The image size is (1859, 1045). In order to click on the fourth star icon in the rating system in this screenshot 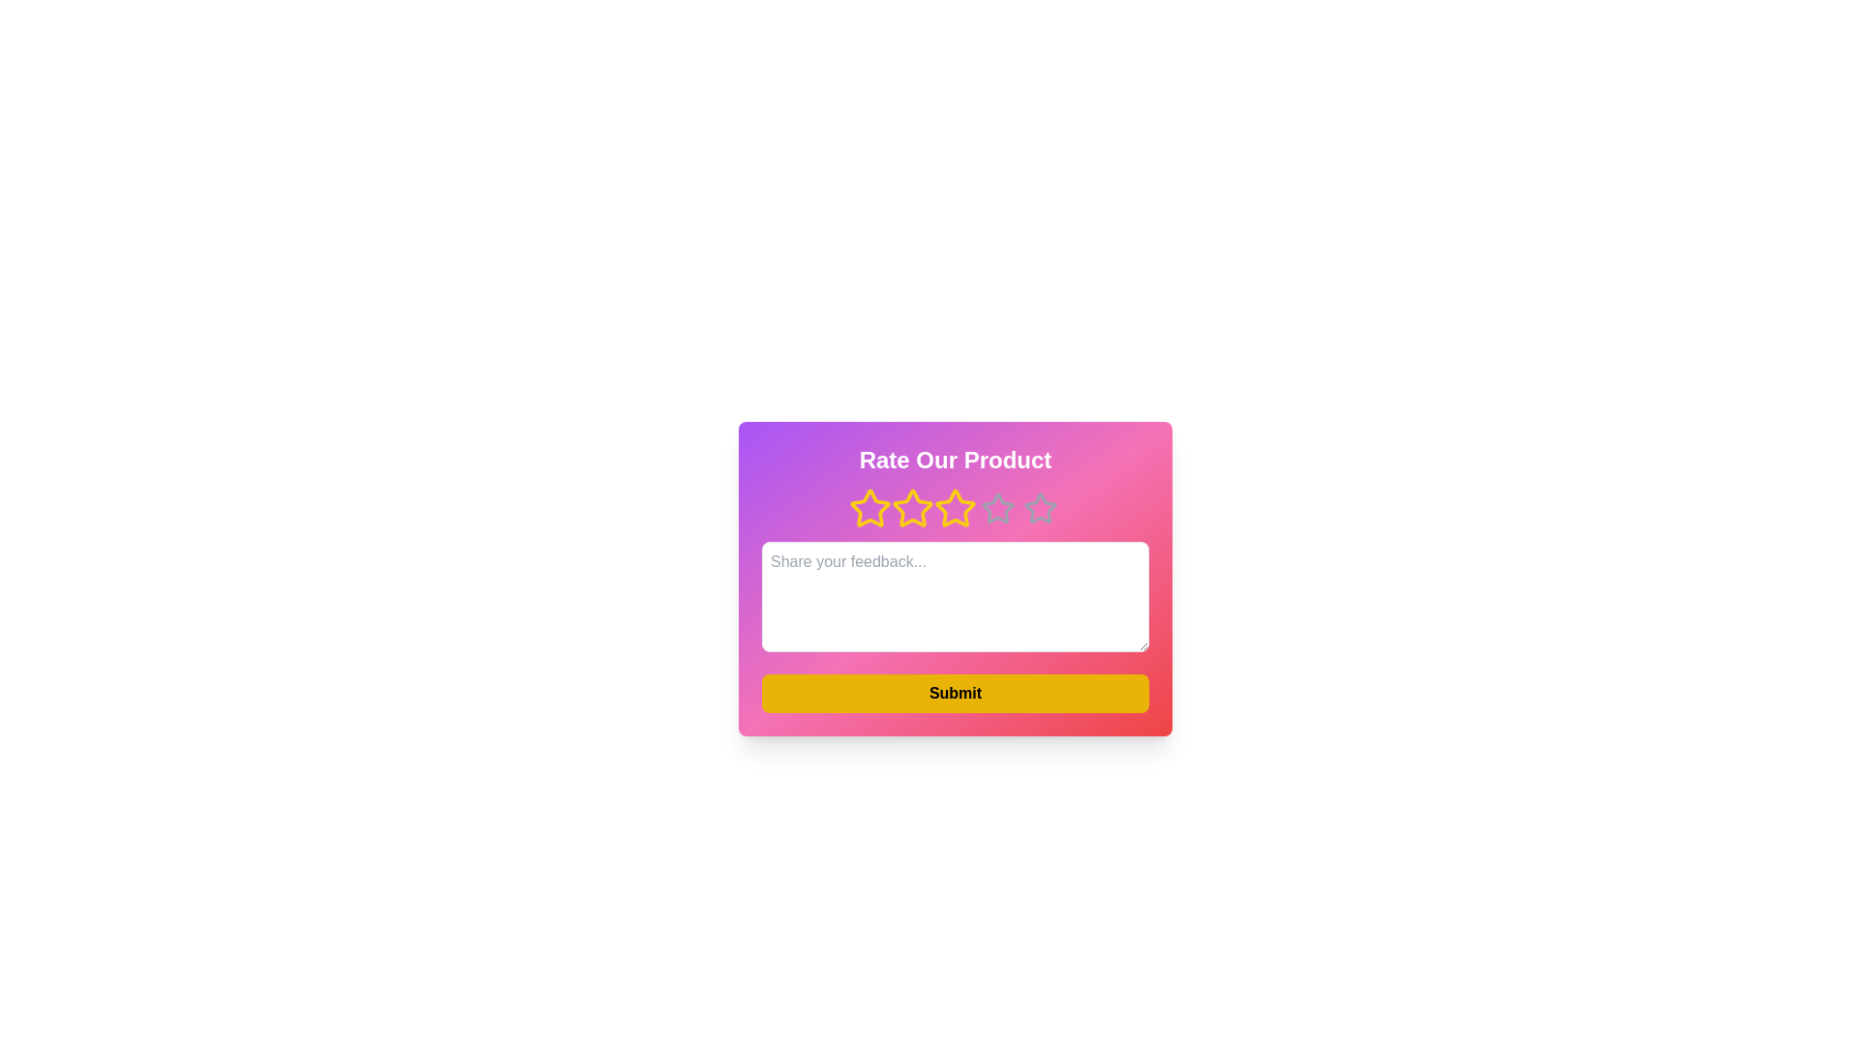, I will do `click(956, 507)`.